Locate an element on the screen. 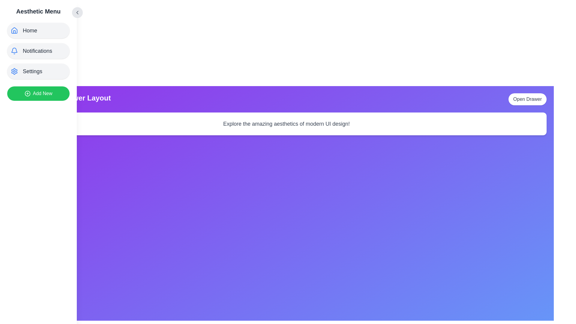 The image size is (576, 324). the 'Settings' button, which is a horizontally aligned button with a gear icon on the left and the text 'Settings' in dark gray, positioned at the bottom of the button stack in the left sidebar menu is located at coordinates (38, 71).